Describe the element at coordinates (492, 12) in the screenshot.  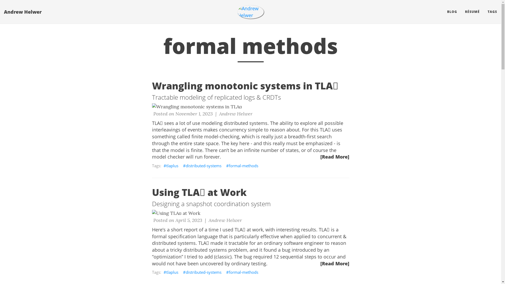
I see `'TAGS'` at that location.